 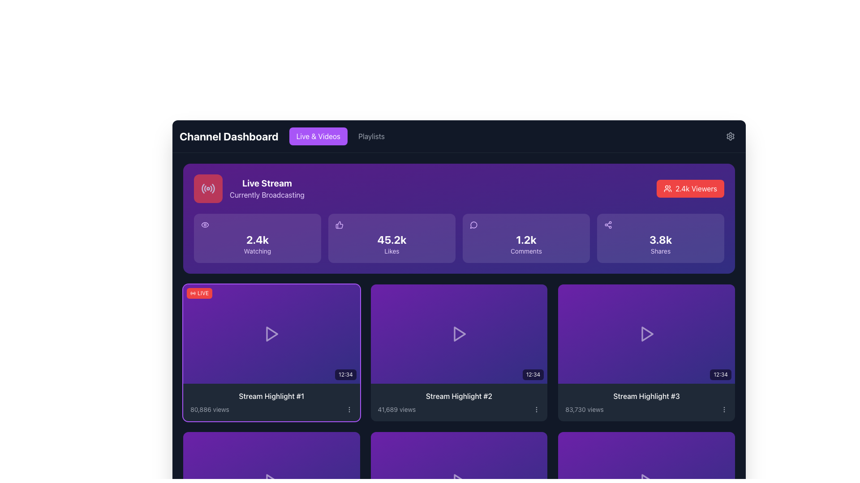 What do you see at coordinates (647, 334) in the screenshot?
I see `the triangular play icon located in the third video thumbnail titled 'Stream Highlight #3'` at bounding box center [647, 334].